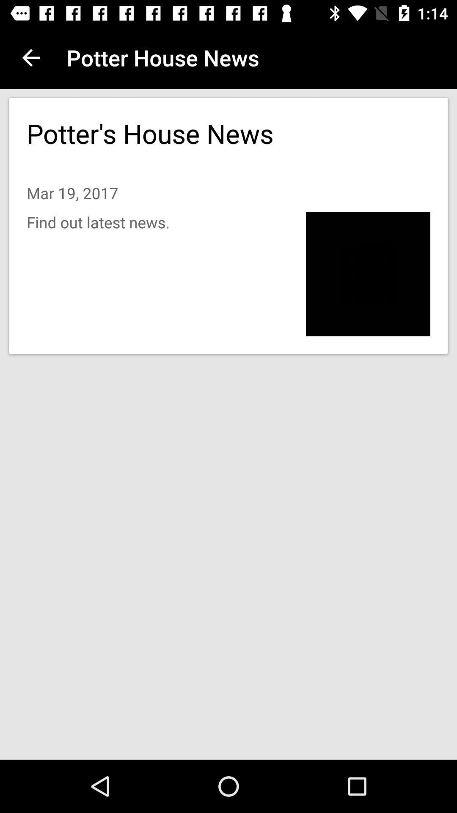 The image size is (457, 813). I want to click on item at the top left corner, so click(30, 57).